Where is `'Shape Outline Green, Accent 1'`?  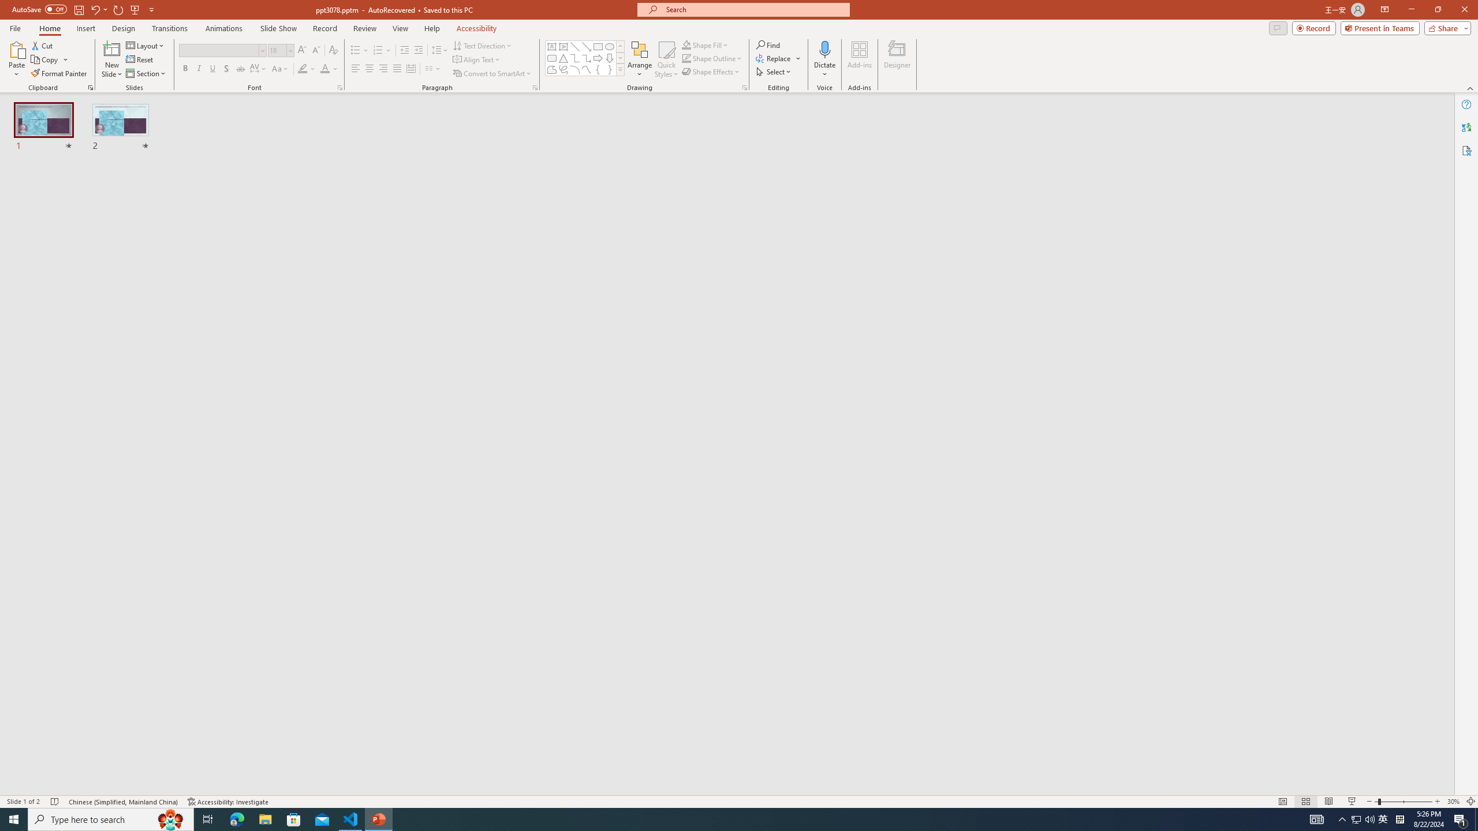 'Shape Outline Green, Accent 1' is located at coordinates (686, 57).